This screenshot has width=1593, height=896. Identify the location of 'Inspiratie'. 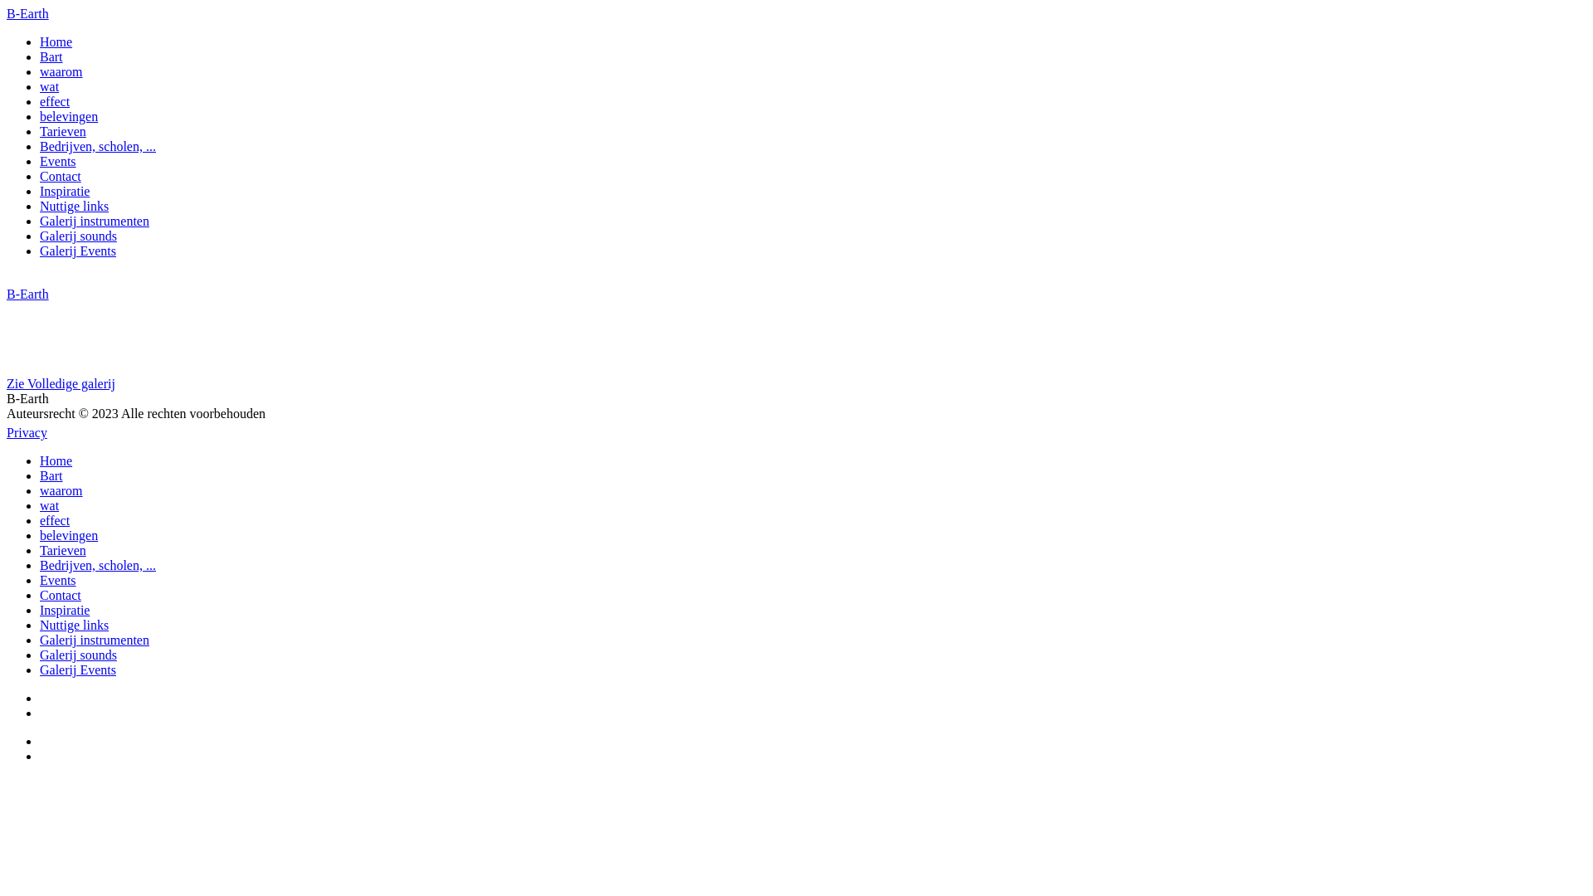
(64, 610).